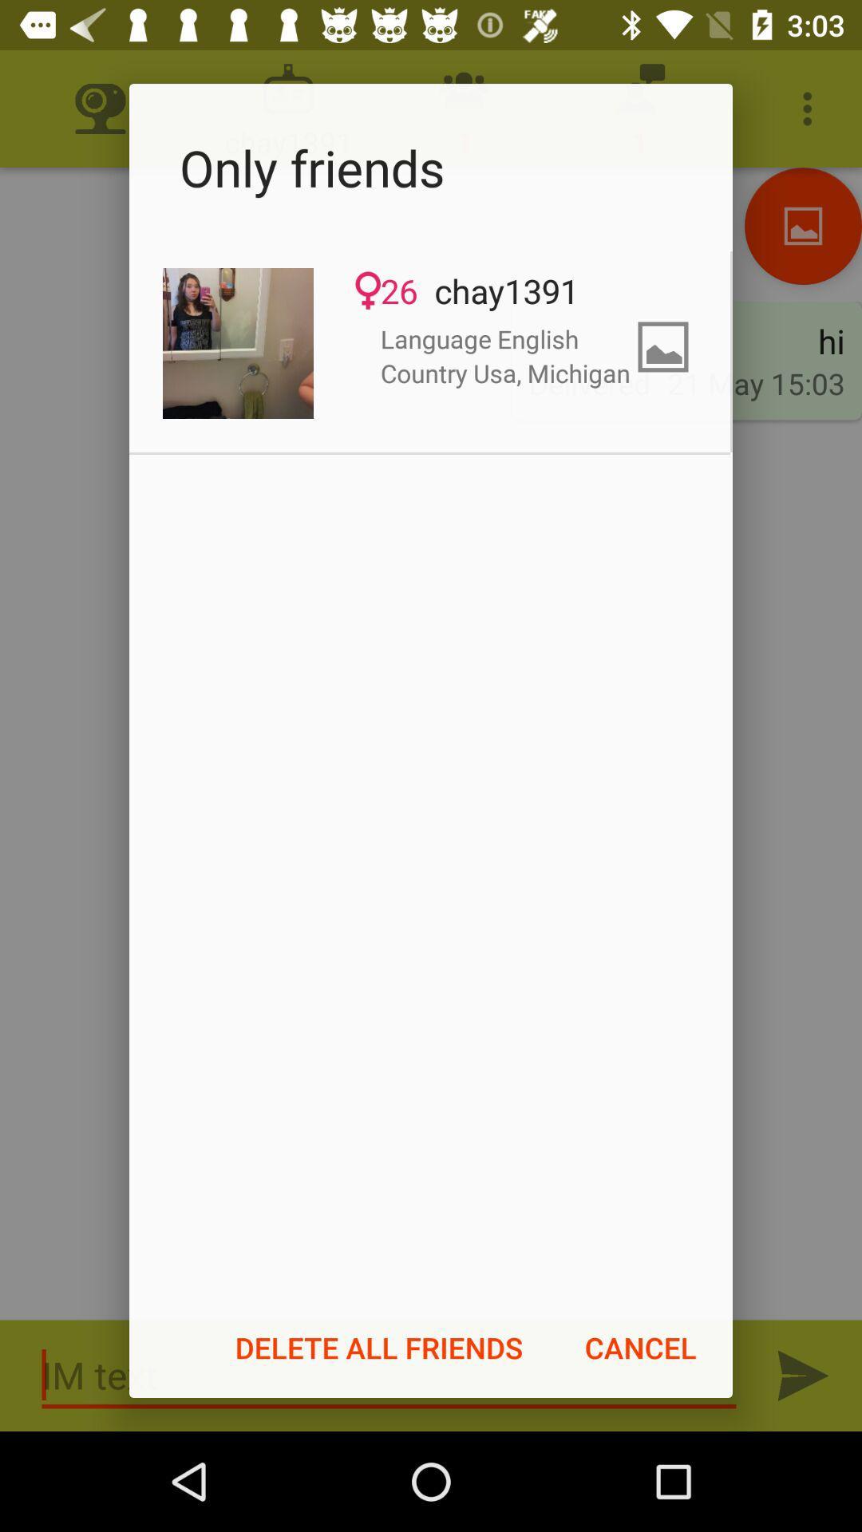 The image size is (862, 1532). What do you see at coordinates (238, 342) in the screenshot?
I see `the icon at the top left corner` at bounding box center [238, 342].